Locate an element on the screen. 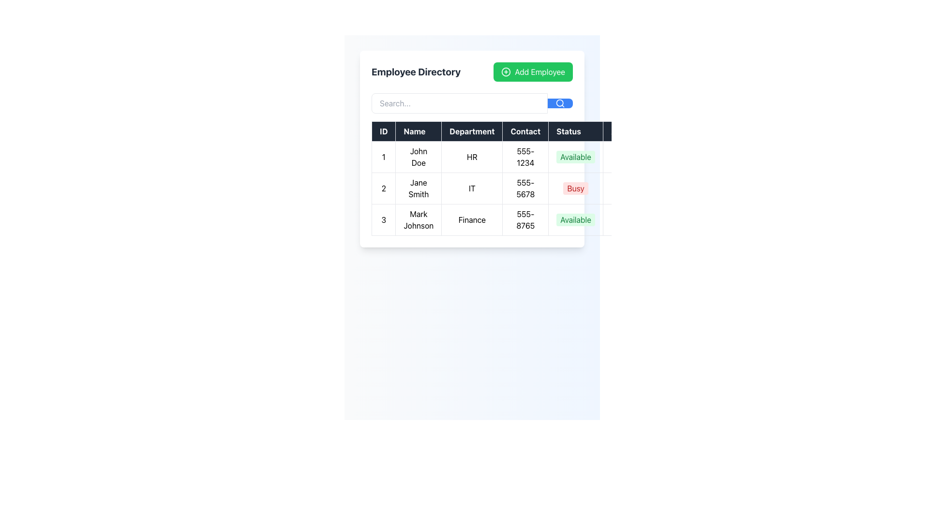 The width and height of the screenshot is (929, 522). value of the employee ID cell located in the third row of the Employee Directory table, which is the first cell under the 'ID' column is located at coordinates (383, 220).